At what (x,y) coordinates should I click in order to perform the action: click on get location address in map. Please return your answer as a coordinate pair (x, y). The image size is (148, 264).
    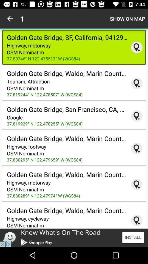
    Looking at the image, I should click on (136, 221).